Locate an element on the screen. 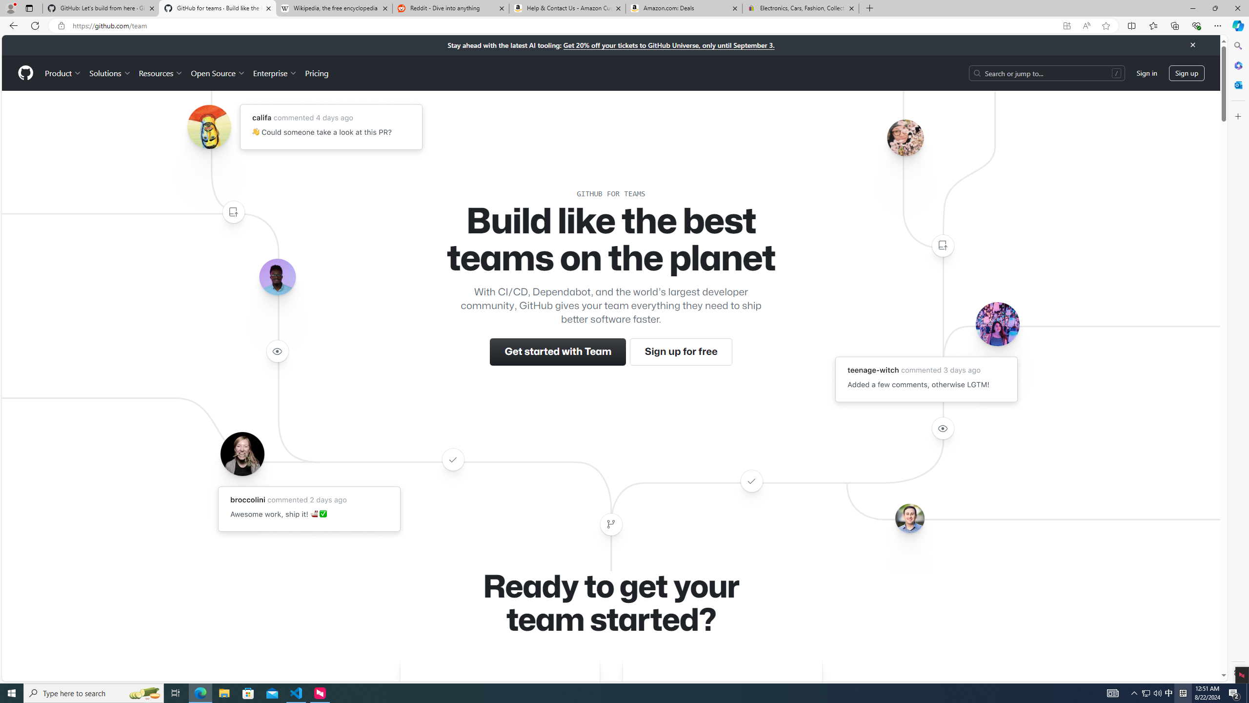 This screenshot has height=703, width=1249. 'Avatar of the user benbalter' is located at coordinates (908, 518).